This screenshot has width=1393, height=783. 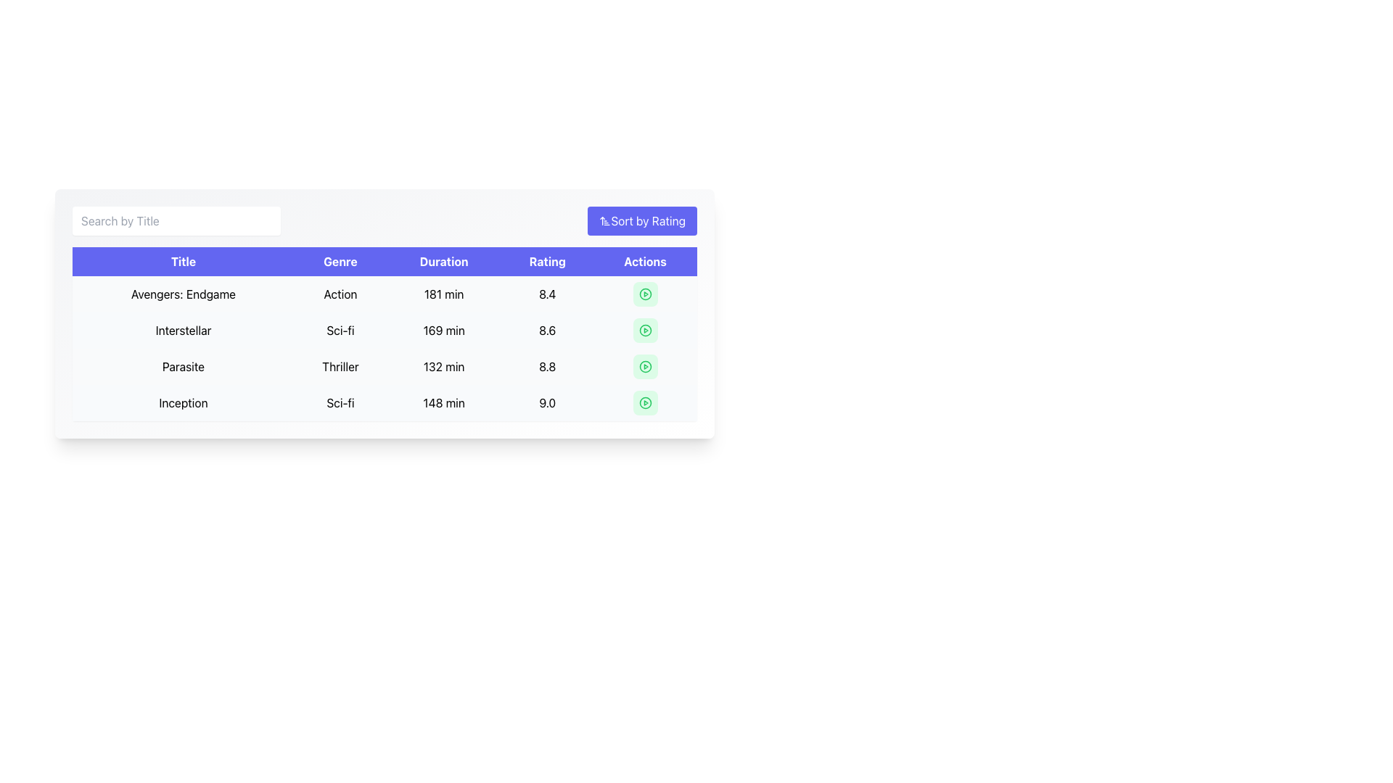 I want to click on the green outlined circular play button located in the last cell of the row for the movie 'Parasite' in the 'Actions' column to initiate an action, so click(x=644, y=365).